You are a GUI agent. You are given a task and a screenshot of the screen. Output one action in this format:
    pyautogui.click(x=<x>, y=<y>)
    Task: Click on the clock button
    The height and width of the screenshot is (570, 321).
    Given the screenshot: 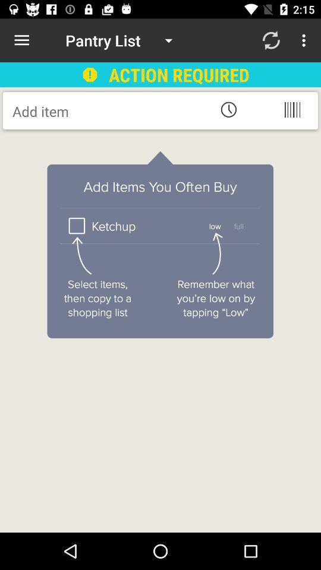 What is the action you would take?
    pyautogui.click(x=228, y=109)
    